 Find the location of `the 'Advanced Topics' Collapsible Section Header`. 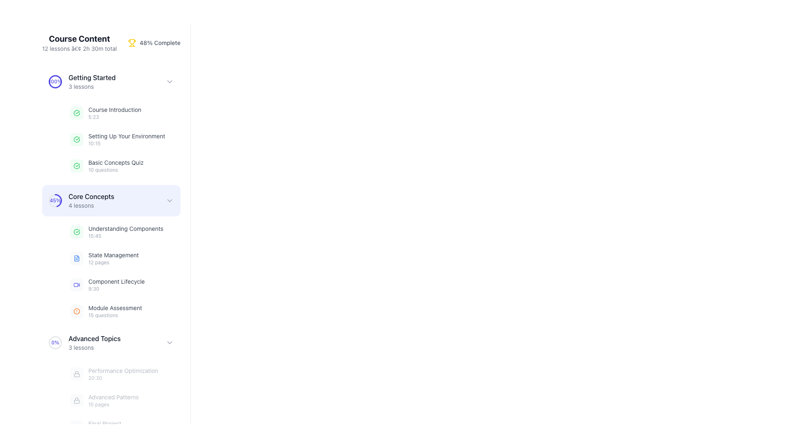

the 'Advanced Topics' Collapsible Section Header is located at coordinates (111, 342).